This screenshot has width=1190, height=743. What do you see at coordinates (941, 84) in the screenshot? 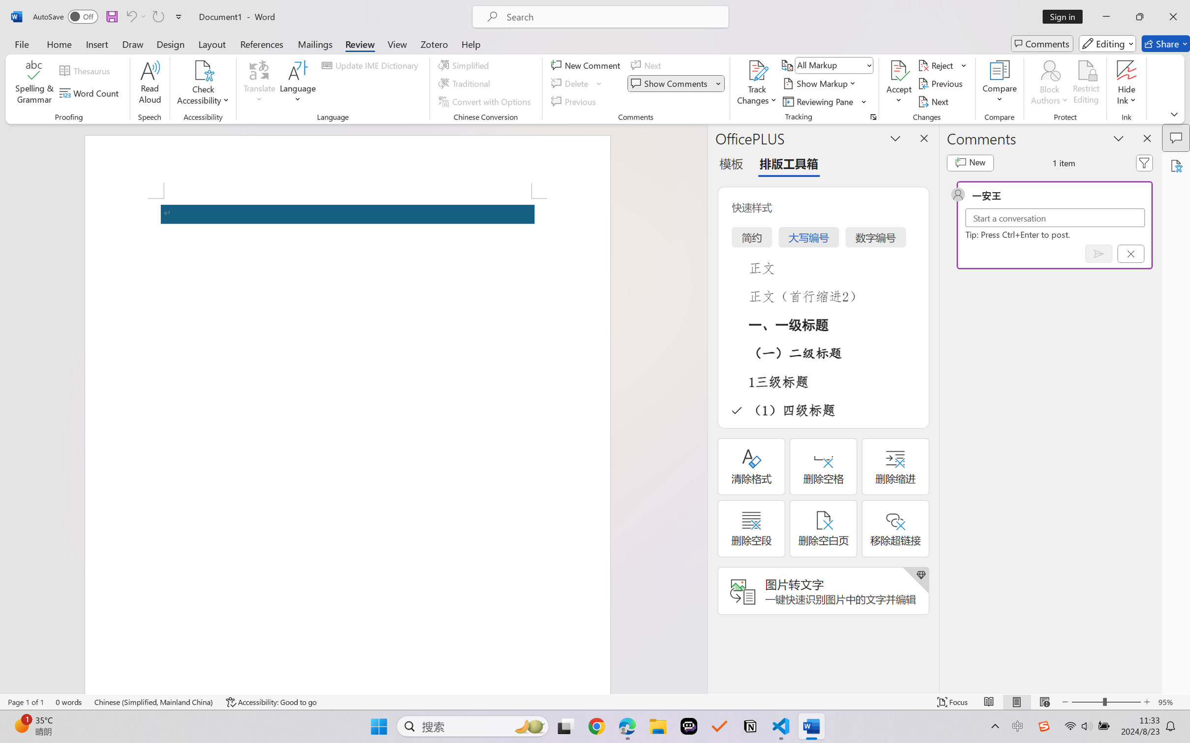
I see `'Previous'` at bounding box center [941, 84].